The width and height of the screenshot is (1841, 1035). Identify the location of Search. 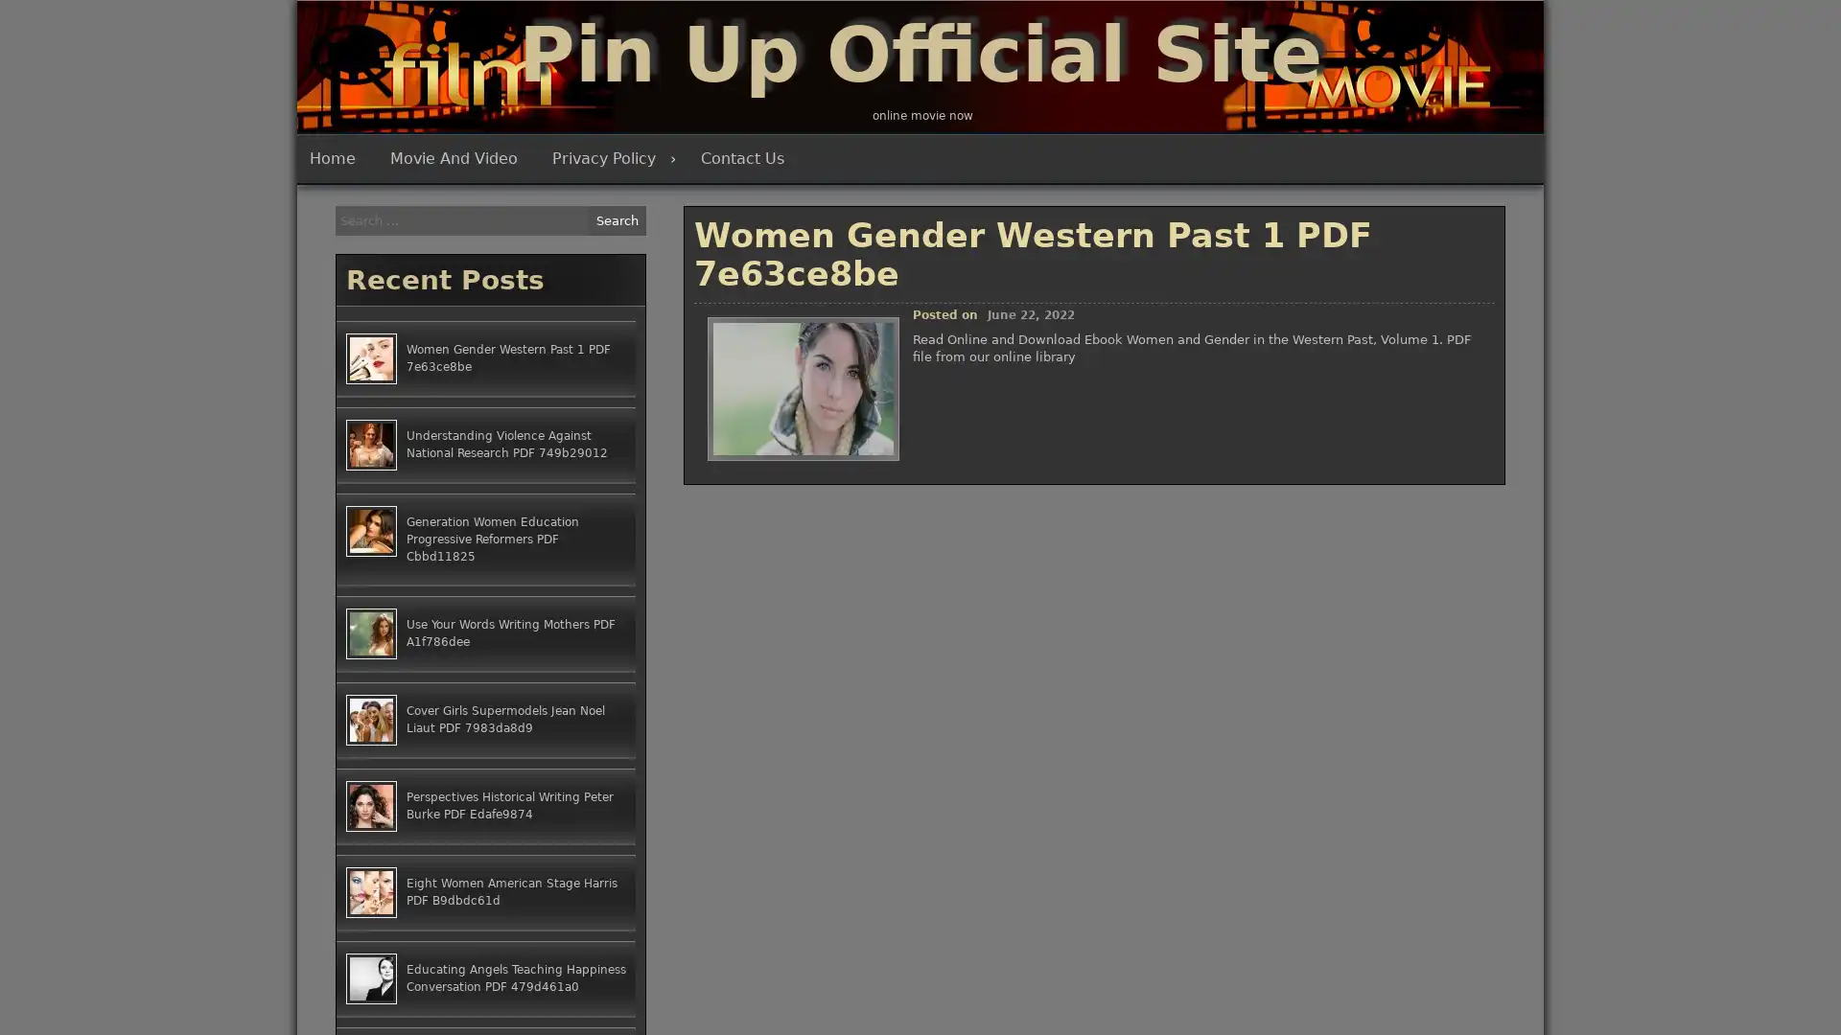
(617, 219).